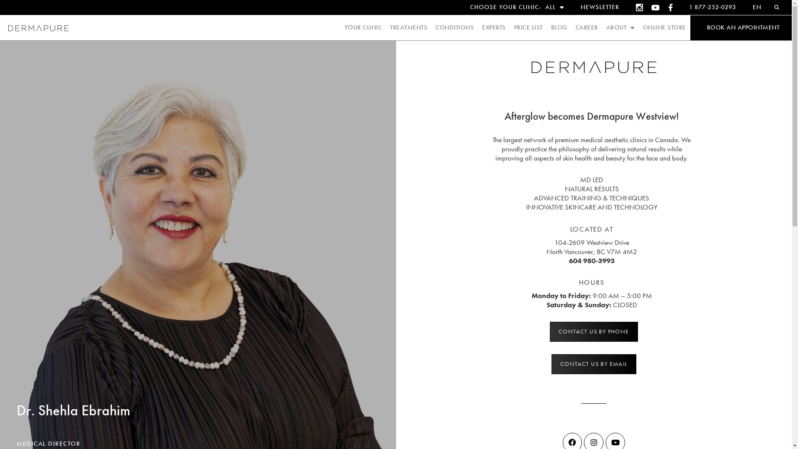 This screenshot has height=449, width=798. What do you see at coordinates (743, 27) in the screenshot?
I see `'BOOK AN APPOINTMENT'` at bounding box center [743, 27].